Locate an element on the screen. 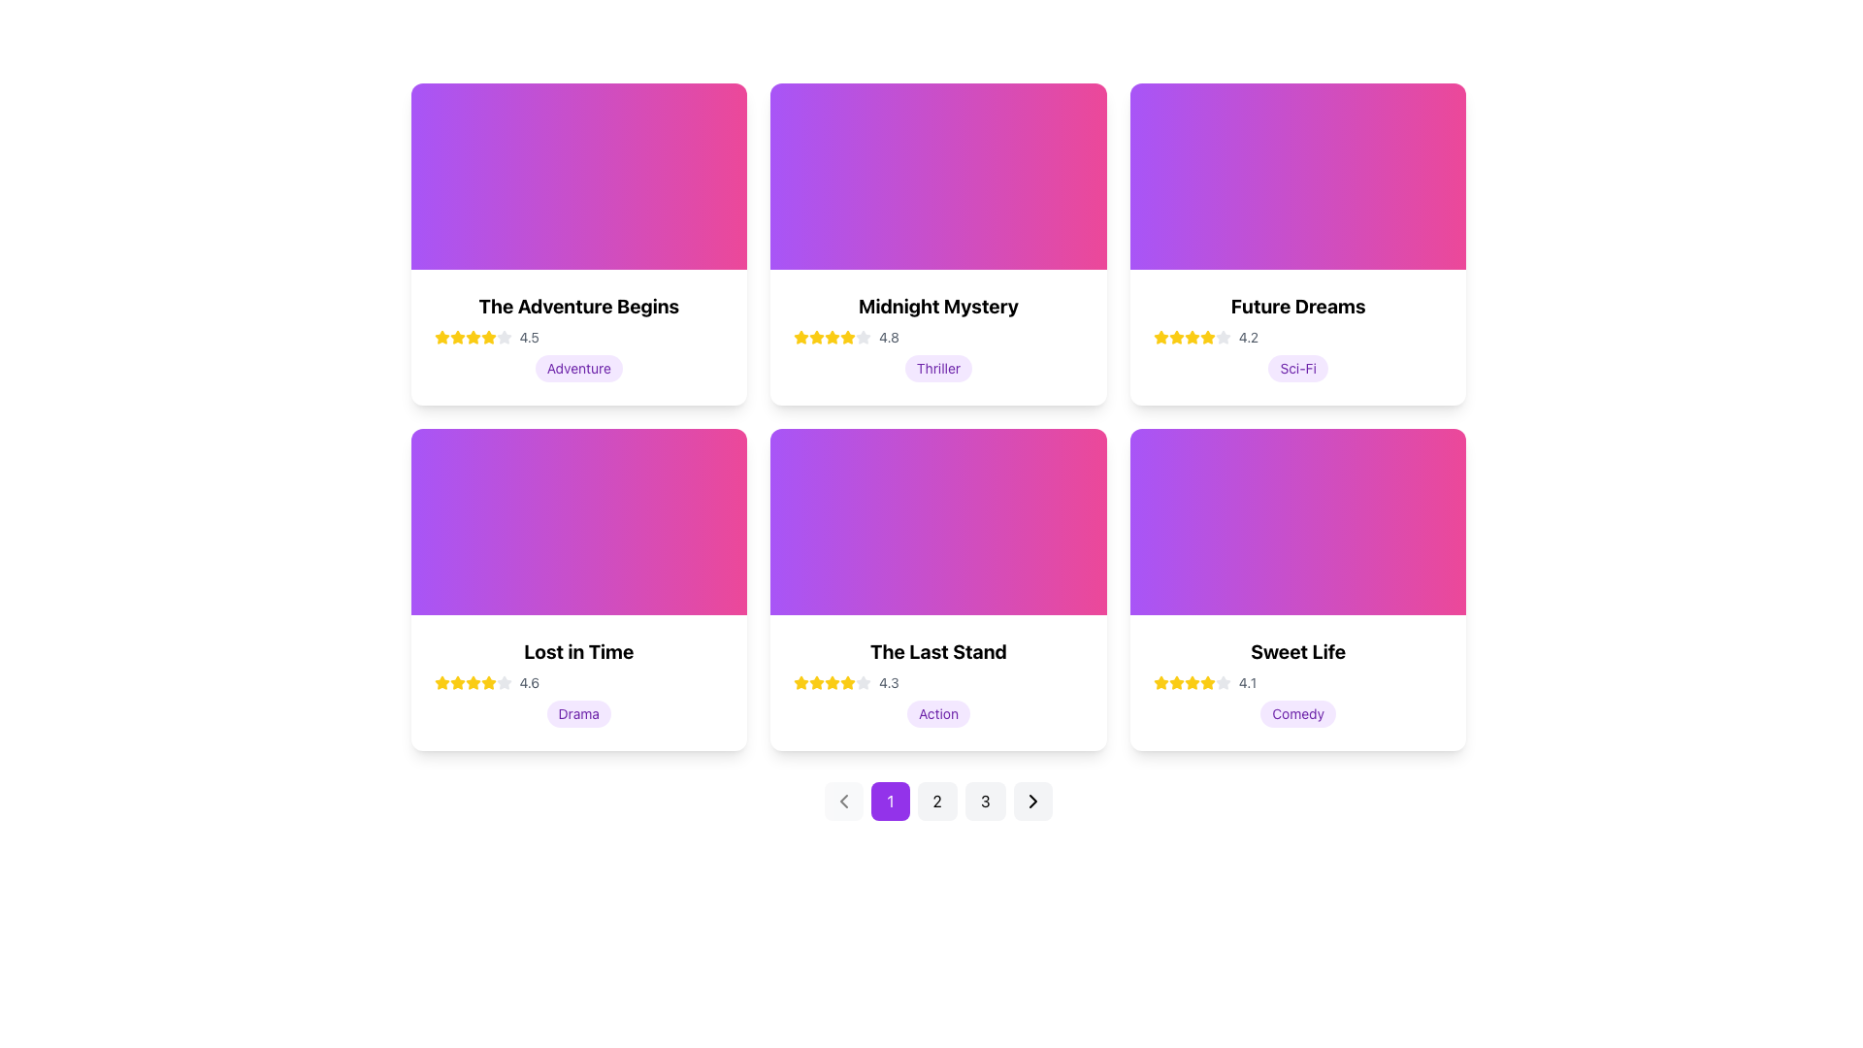 This screenshot has height=1048, width=1863. the Info card section that displays the title, rating, and category of the specific item located in the first card of the grid arrangement is located at coordinates (577, 336).